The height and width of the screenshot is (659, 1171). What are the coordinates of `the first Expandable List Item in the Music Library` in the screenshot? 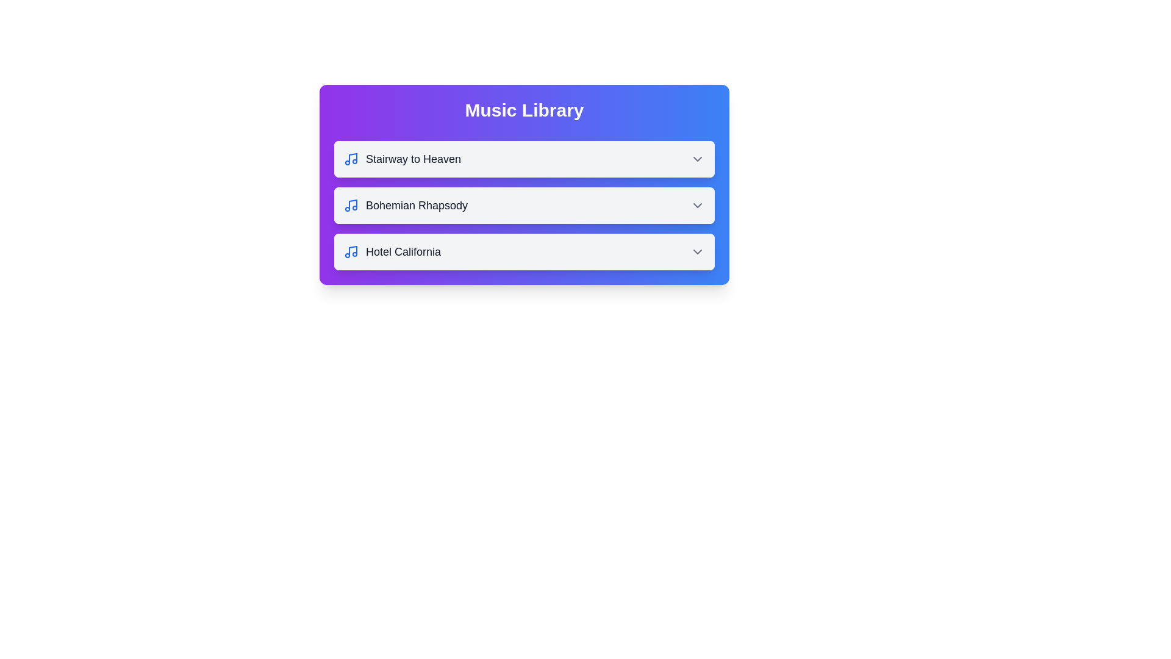 It's located at (524, 159).